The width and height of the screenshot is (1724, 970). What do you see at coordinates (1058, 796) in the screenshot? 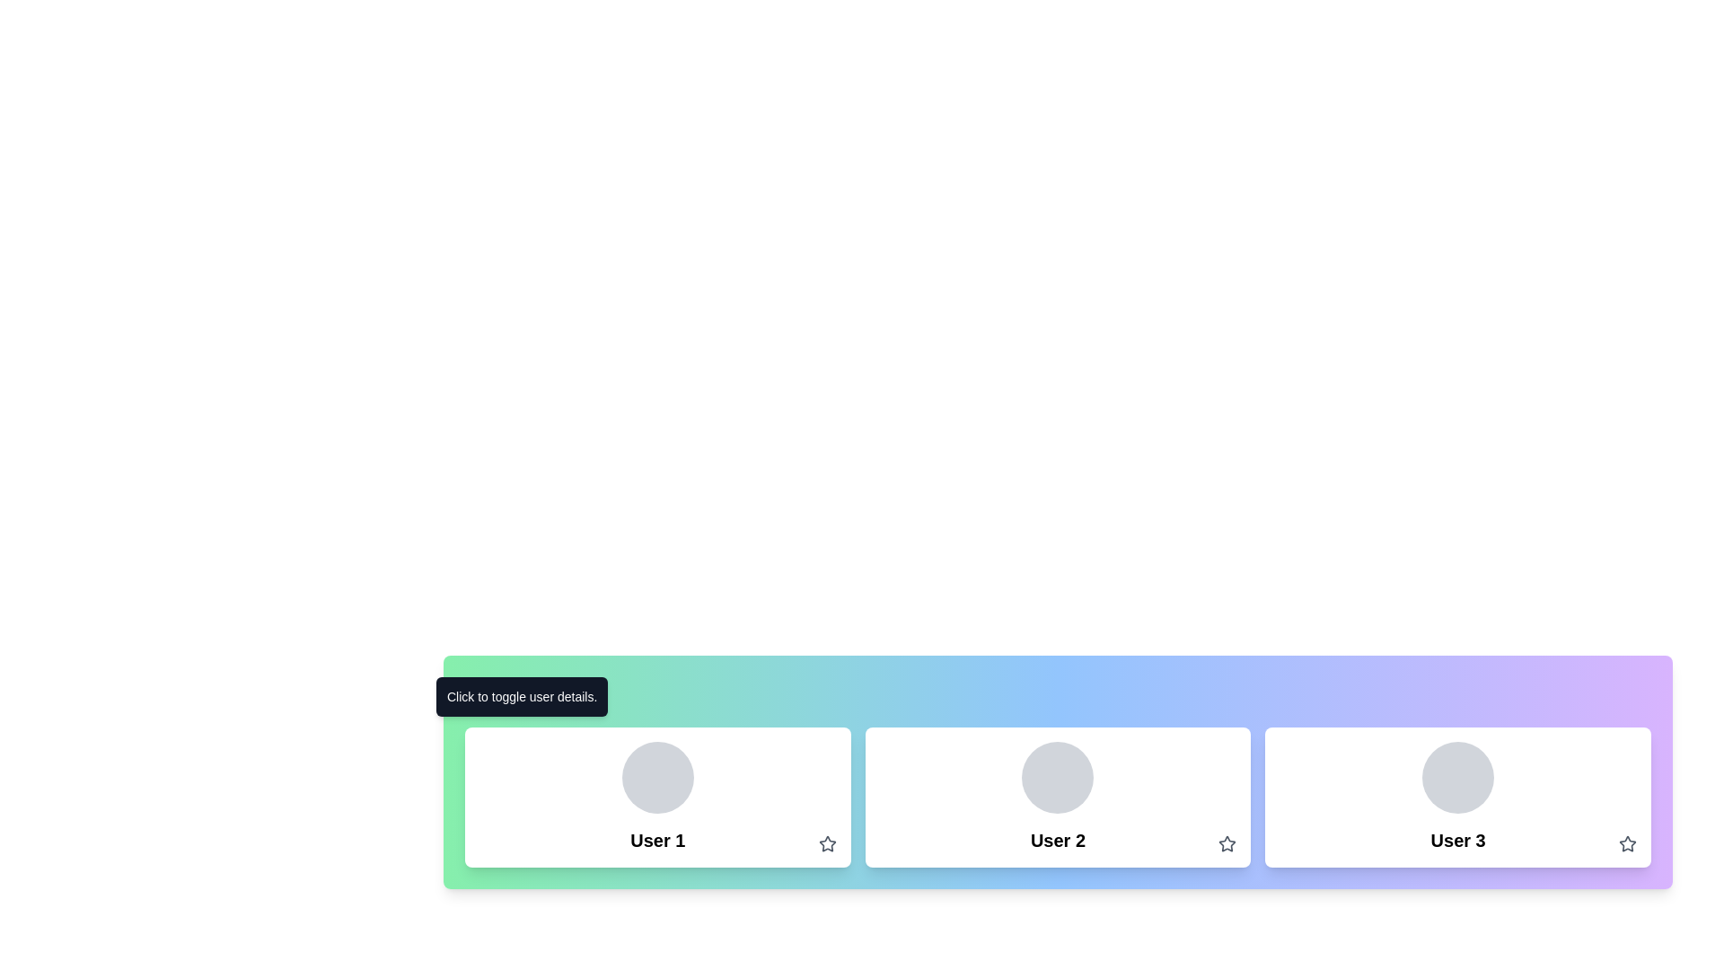
I see `the user profile summary card, which is the second card in a horizontal group of three cards, identified visually by the user's name and an image placeholder` at bounding box center [1058, 796].